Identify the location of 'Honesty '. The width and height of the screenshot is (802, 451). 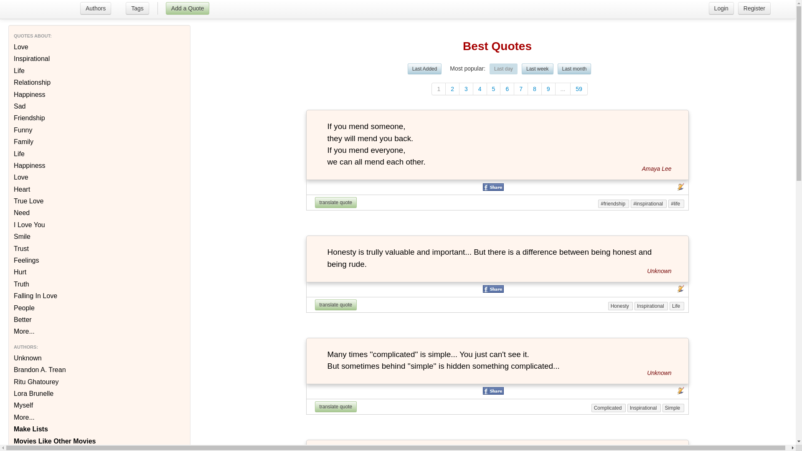
(608, 306).